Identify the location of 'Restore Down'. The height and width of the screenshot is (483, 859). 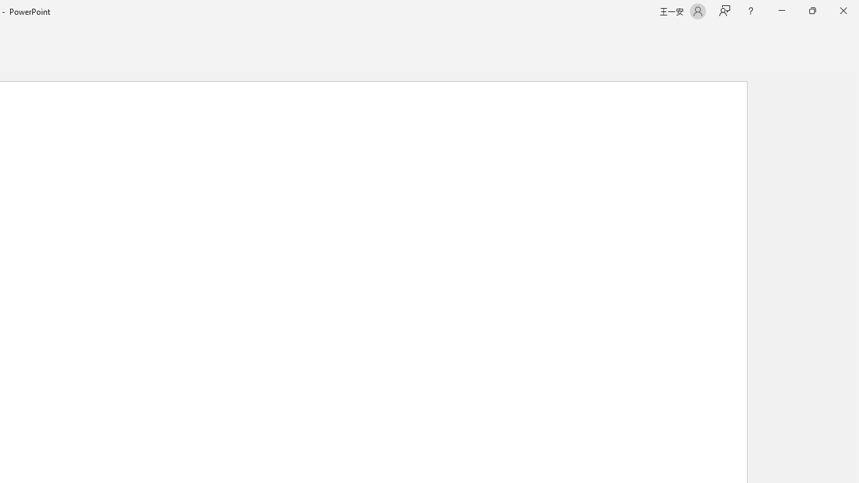
(811, 11).